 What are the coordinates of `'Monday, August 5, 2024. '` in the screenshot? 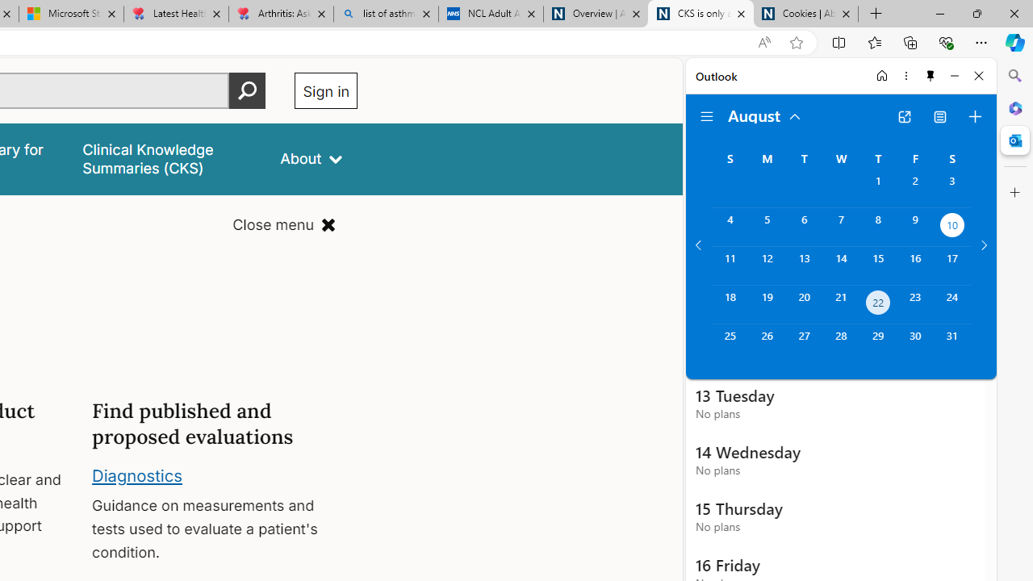 It's located at (766, 227).